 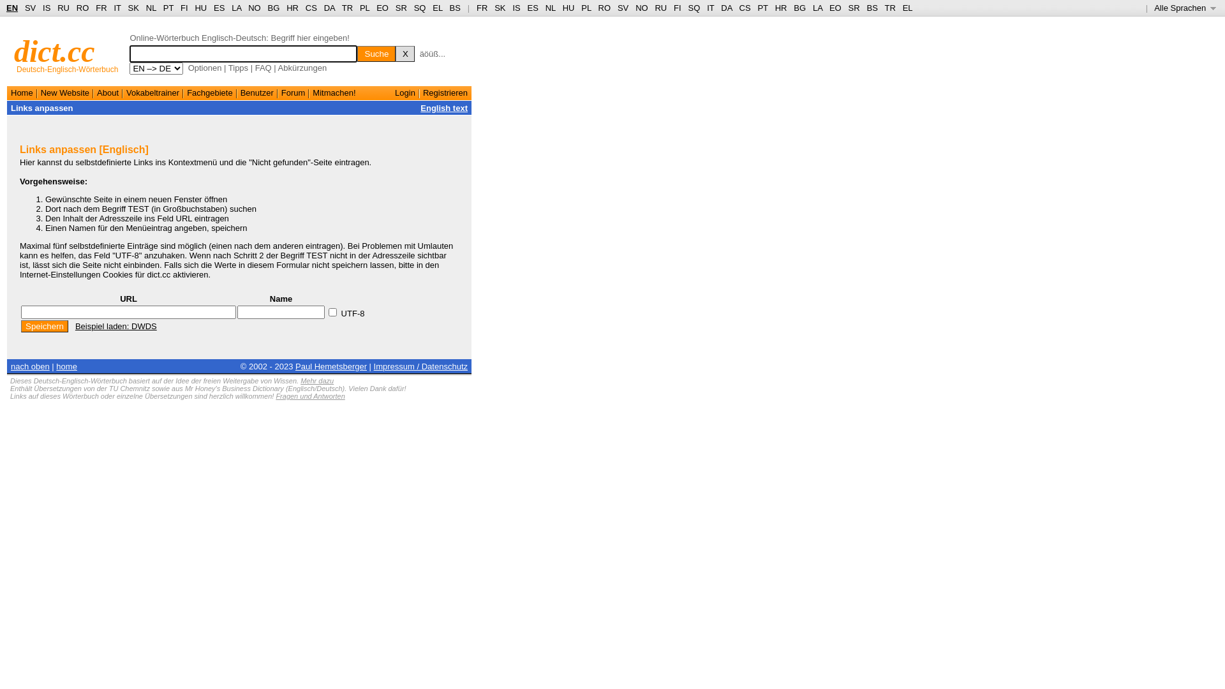 I want to click on 'Suche', so click(x=357, y=53).